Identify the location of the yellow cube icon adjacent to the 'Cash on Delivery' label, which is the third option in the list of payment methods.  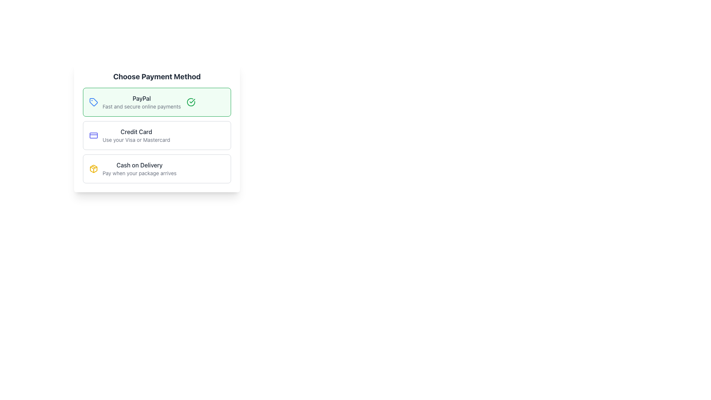
(93, 169).